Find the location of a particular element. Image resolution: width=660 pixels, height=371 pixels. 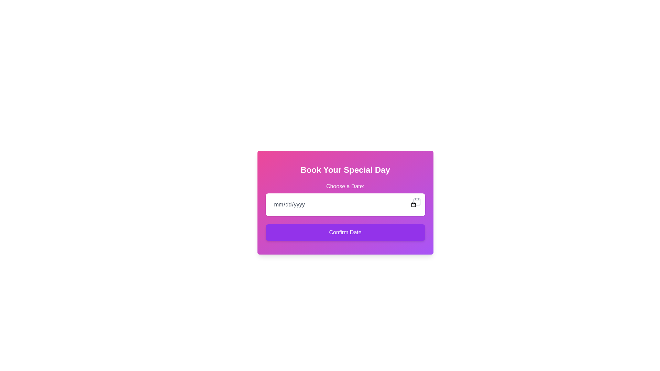

the calendar icon located at the top-right corner inside the date input field is located at coordinates (416, 201).